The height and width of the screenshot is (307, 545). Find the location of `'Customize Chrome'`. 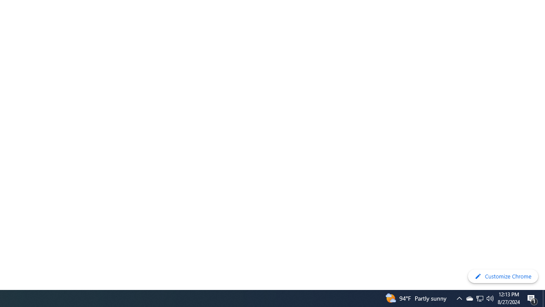

'Customize Chrome' is located at coordinates (503, 276).